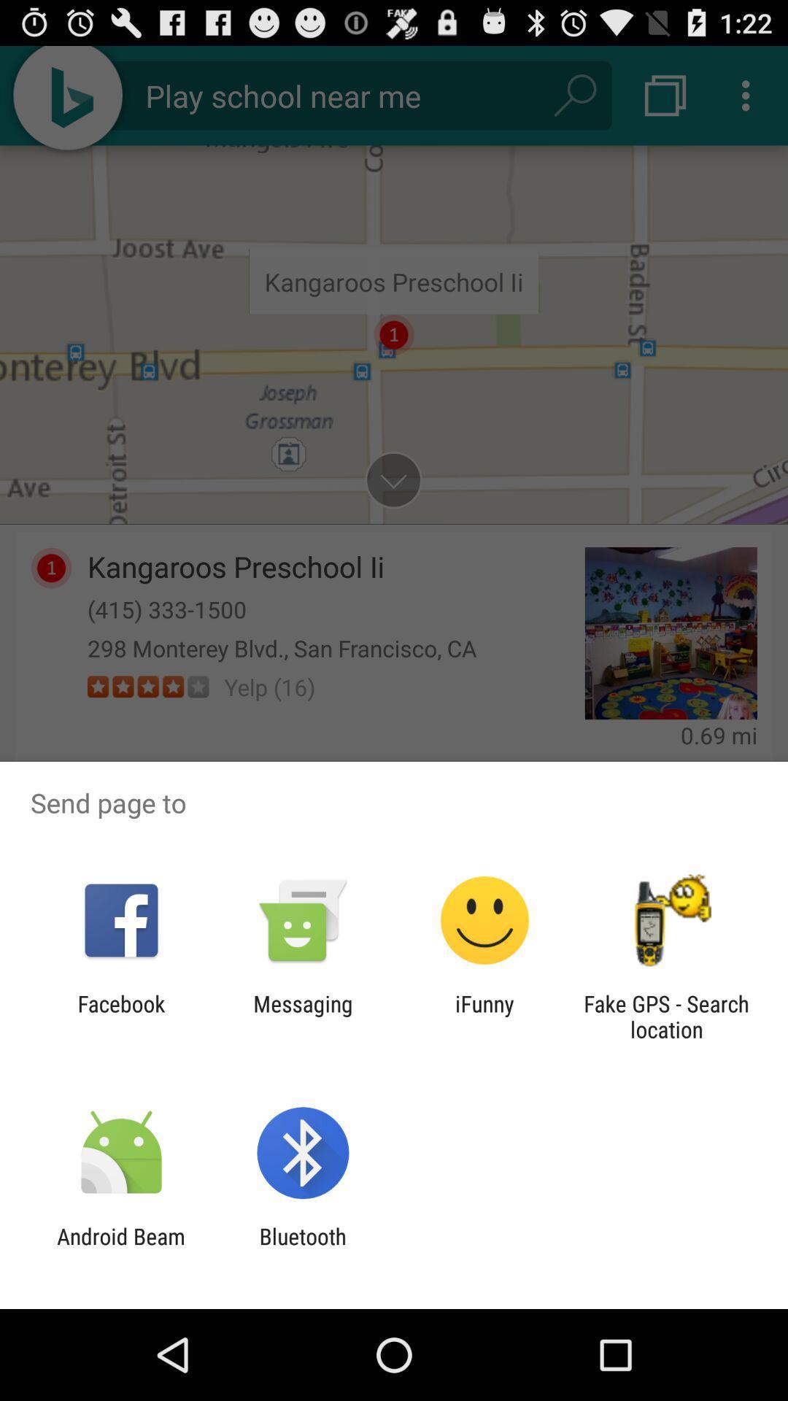 This screenshot has height=1401, width=788. I want to click on app to the left of the bluetooth app, so click(120, 1248).